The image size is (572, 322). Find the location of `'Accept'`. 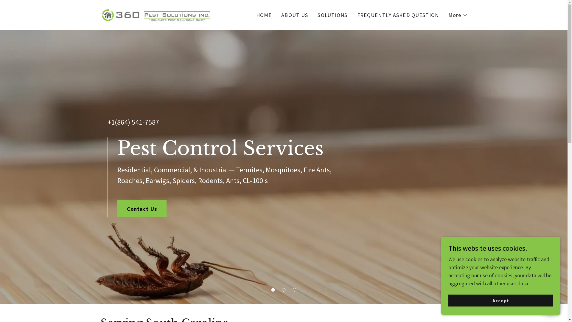

'Accept' is located at coordinates (500, 300).